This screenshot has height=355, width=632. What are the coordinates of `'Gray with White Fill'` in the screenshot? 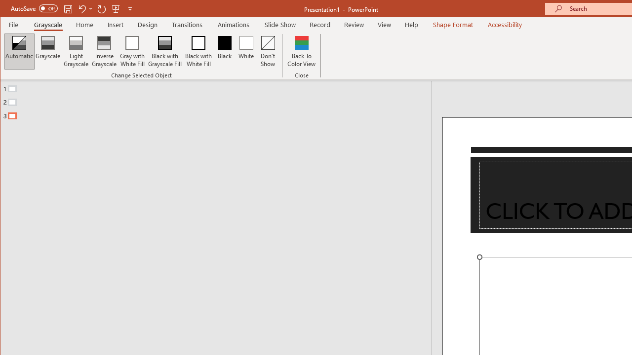 It's located at (132, 51).